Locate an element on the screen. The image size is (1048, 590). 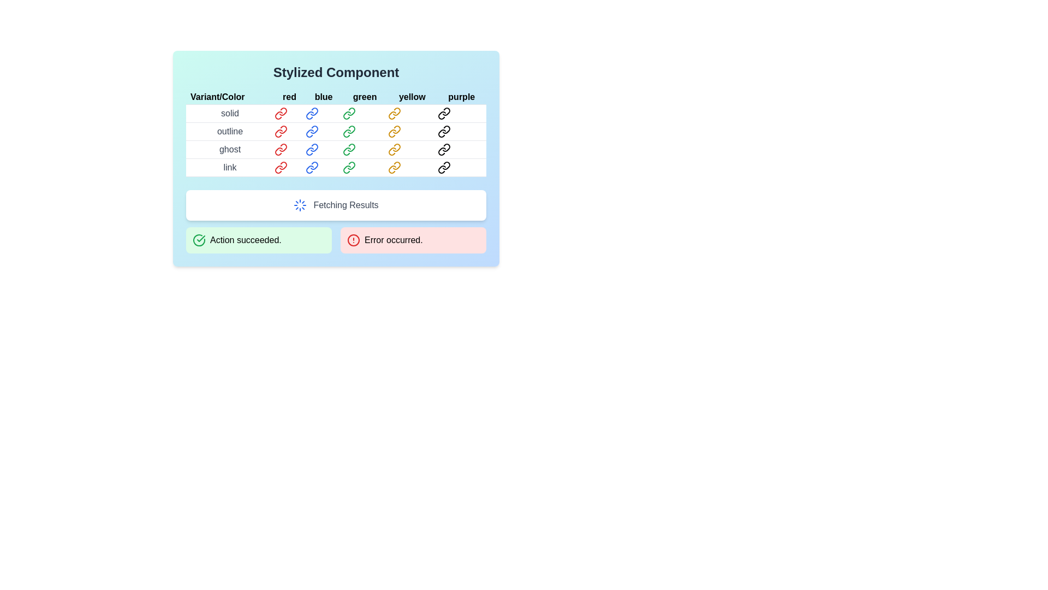
the yellow chain links icon located in the 'outline' row under the 'Variant/Color' grid is located at coordinates (394, 131).